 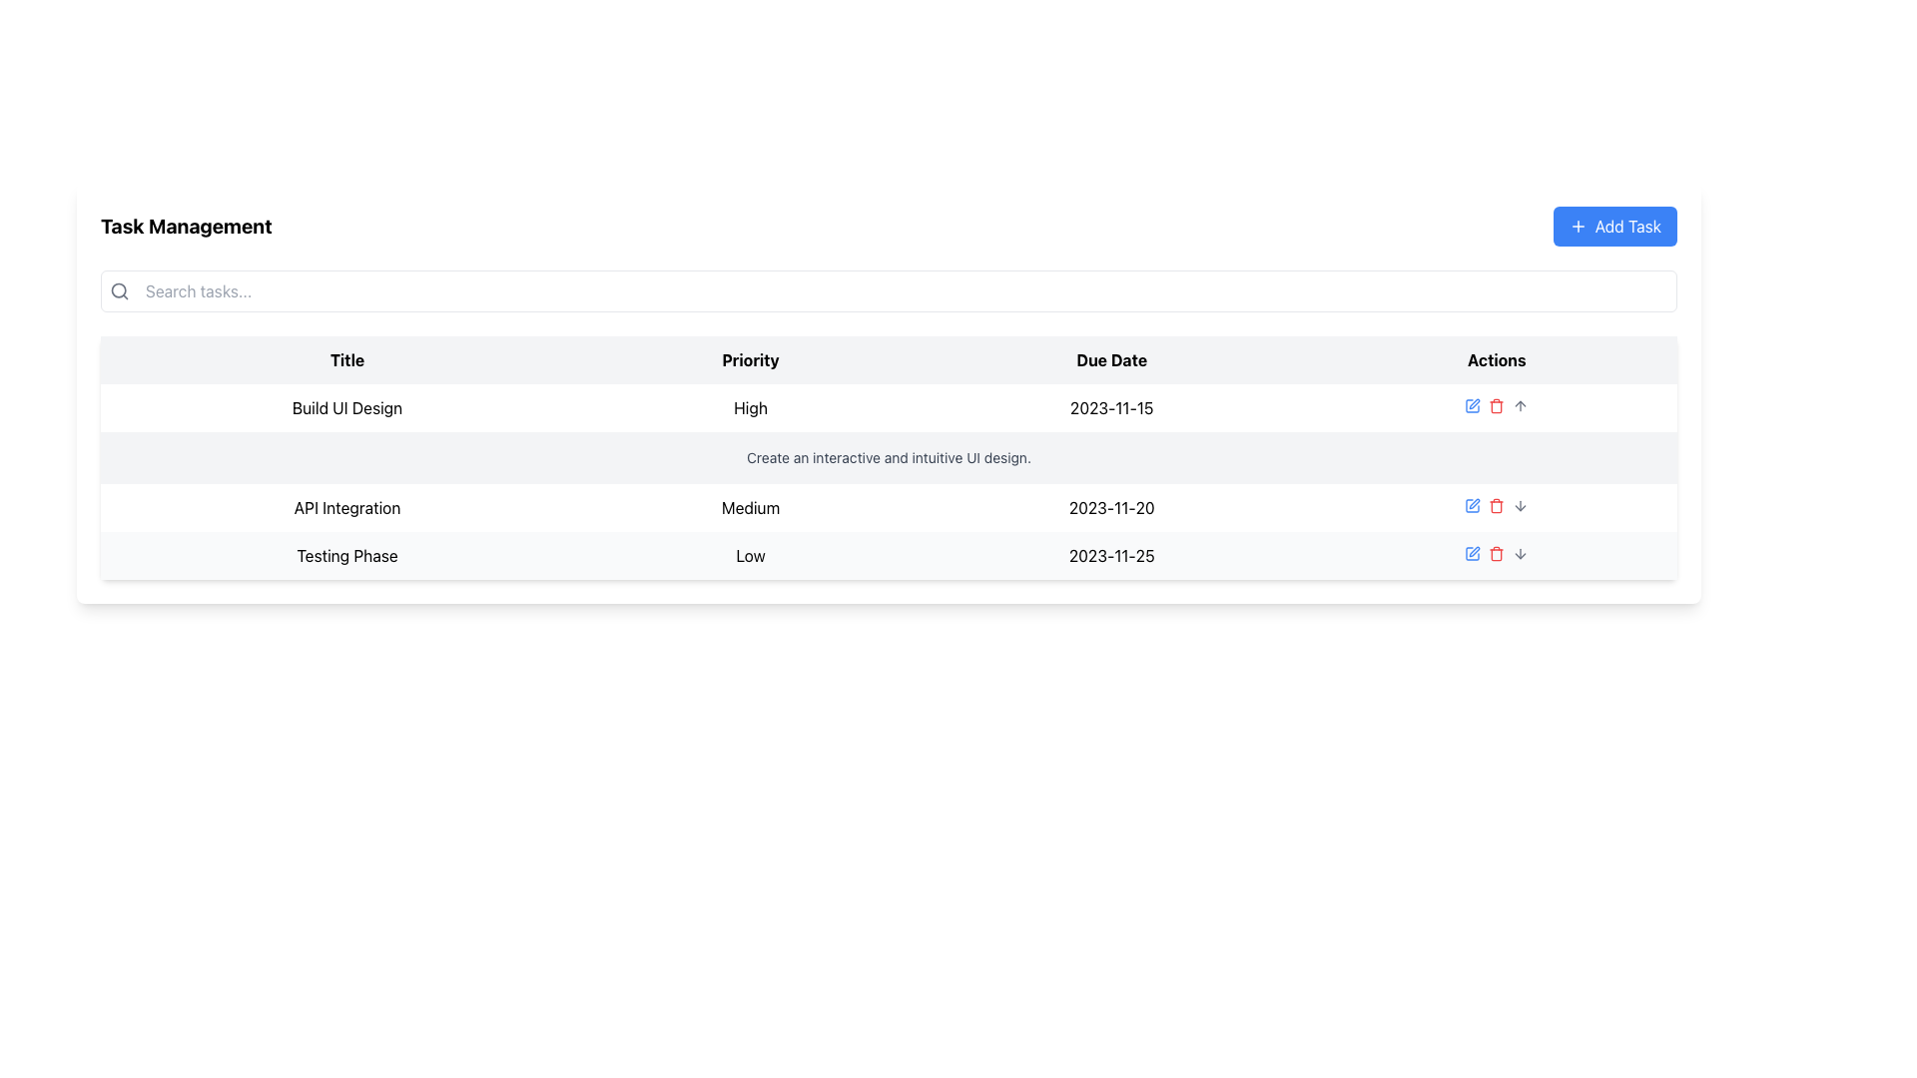 I want to click on the text label displaying the due date '2023-11-15' in the 'Build UI Design' table row, which is the third cell under the 'Due Date' column, so click(x=1110, y=406).